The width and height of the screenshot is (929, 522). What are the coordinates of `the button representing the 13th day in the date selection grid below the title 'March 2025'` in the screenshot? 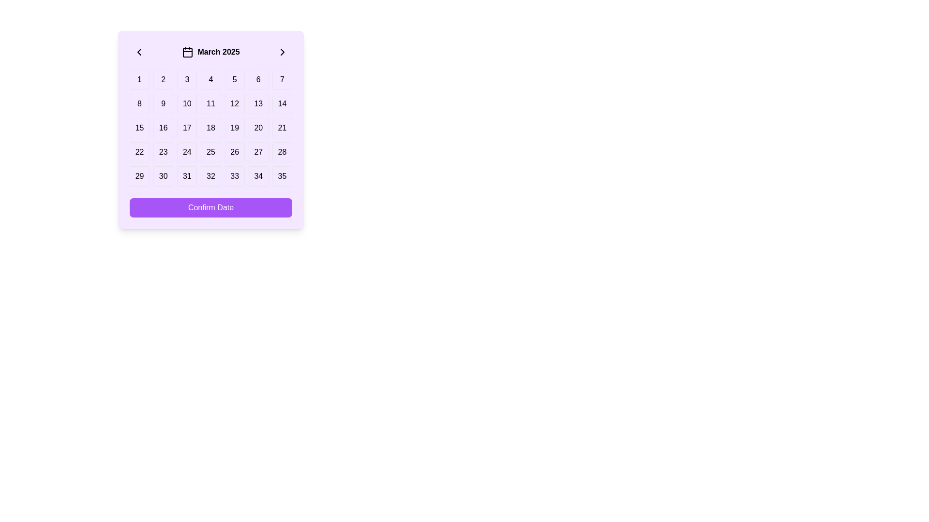 It's located at (258, 104).